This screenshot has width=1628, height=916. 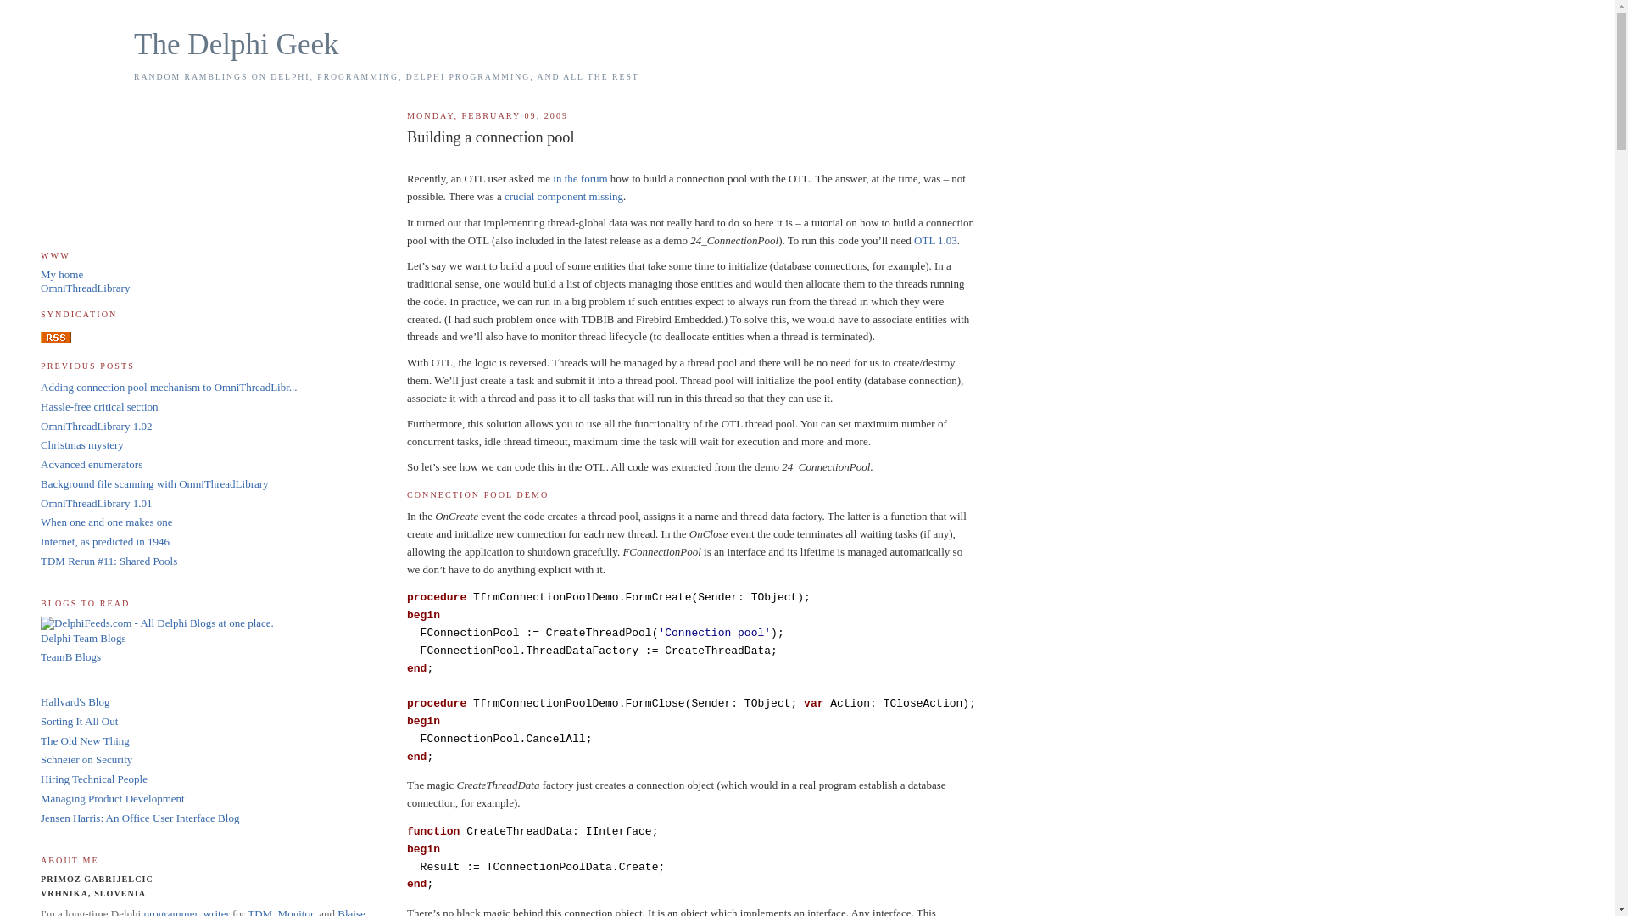 I want to click on 'Hiring Technical People', so click(x=92, y=779).